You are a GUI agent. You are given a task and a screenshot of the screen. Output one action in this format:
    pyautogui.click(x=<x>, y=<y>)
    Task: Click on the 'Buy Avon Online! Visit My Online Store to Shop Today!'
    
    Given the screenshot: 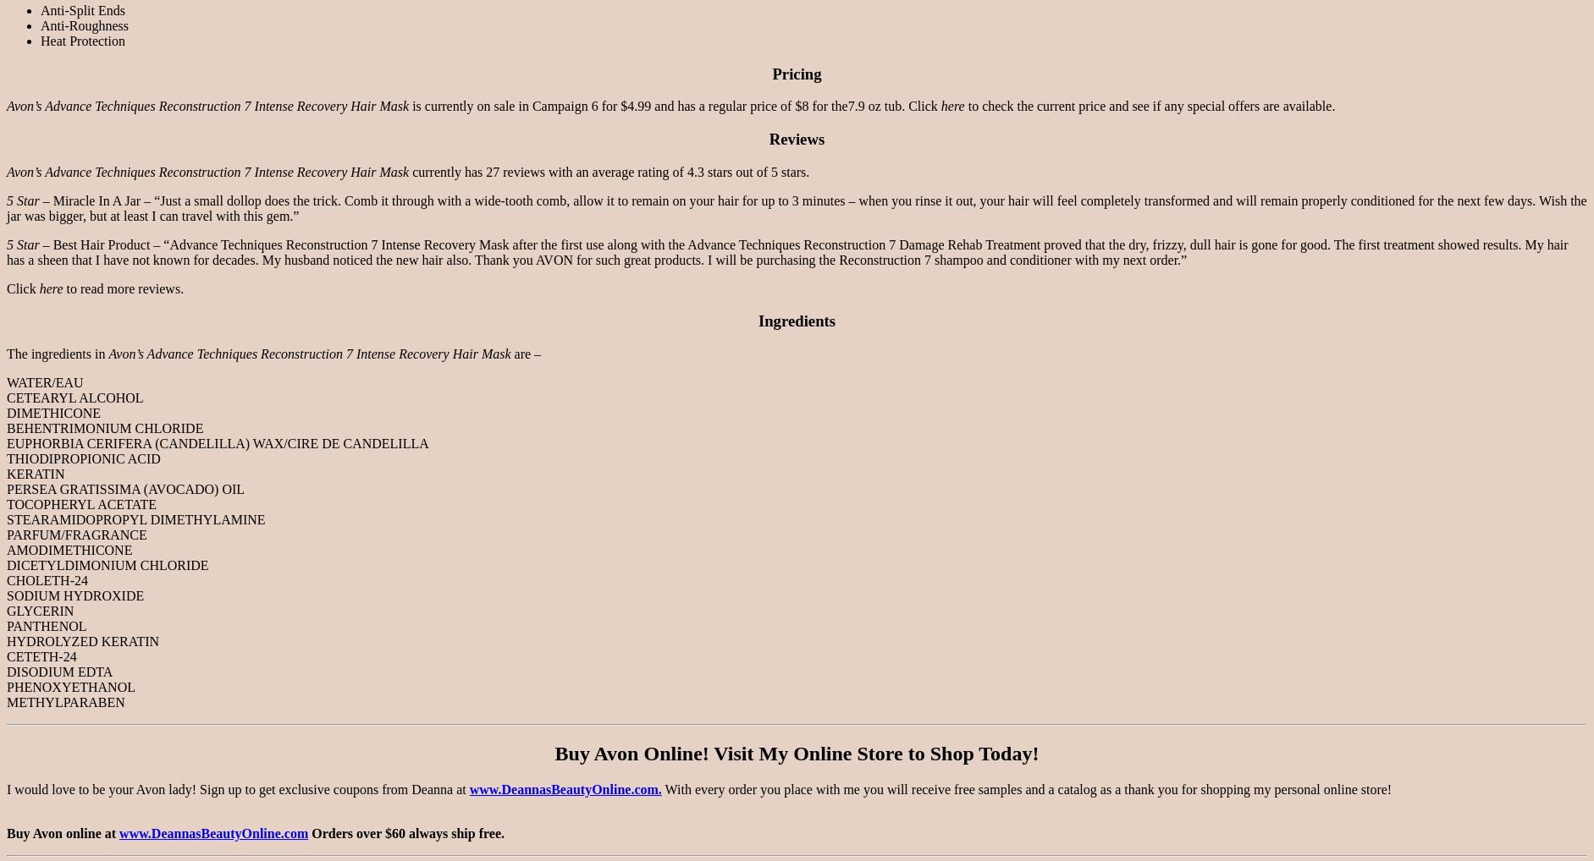 What is the action you would take?
    pyautogui.click(x=795, y=753)
    